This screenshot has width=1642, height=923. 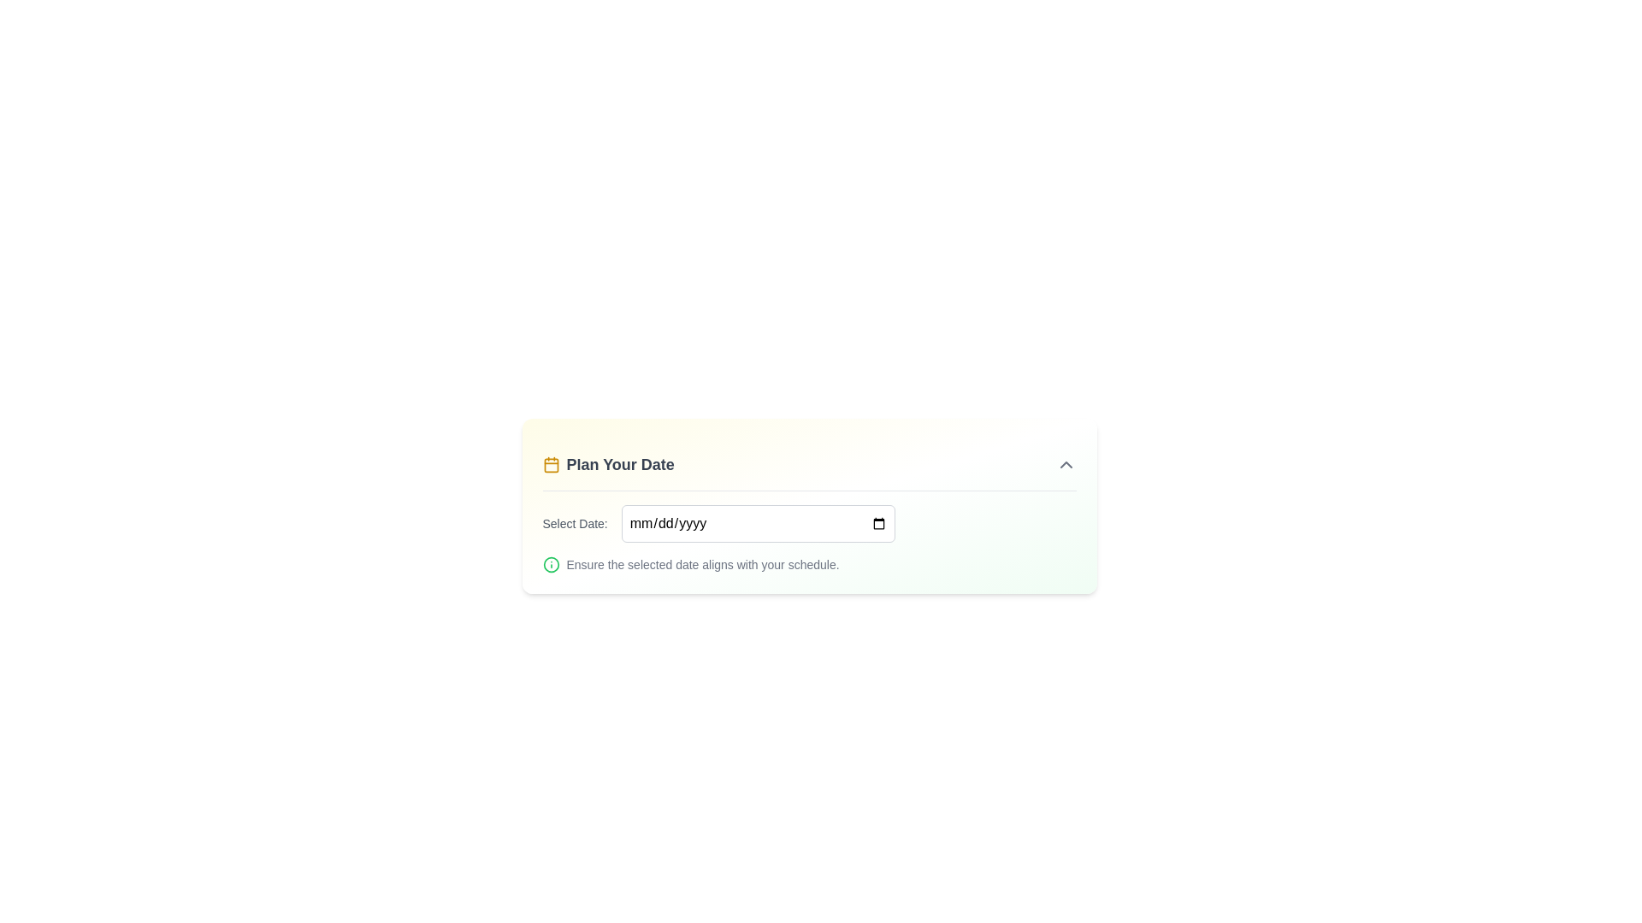 I want to click on the Date input field located under the 'Plan Your Date' section, so click(x=808, y=523).